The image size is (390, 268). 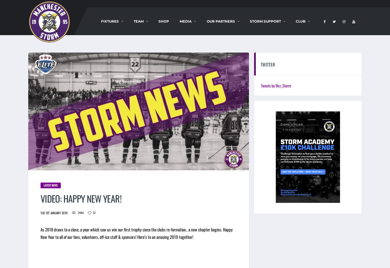 I want to click on 'Total Fitness', so click(x=223, y=65).